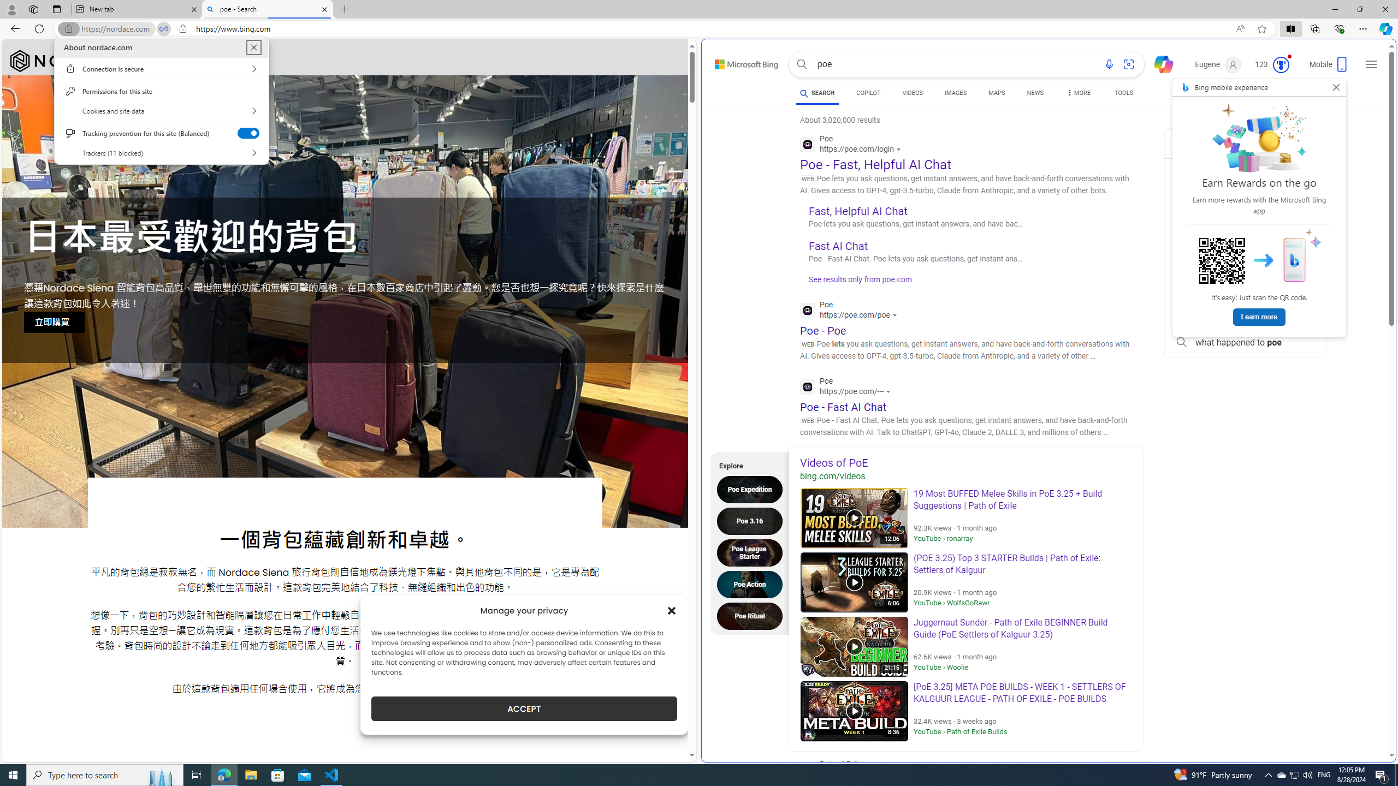 The image size is (1398, 786). What do you see at coordinates (524, 708) in the screenshot?
I see `'ACCEPT'` at bounding box center [524, 708].